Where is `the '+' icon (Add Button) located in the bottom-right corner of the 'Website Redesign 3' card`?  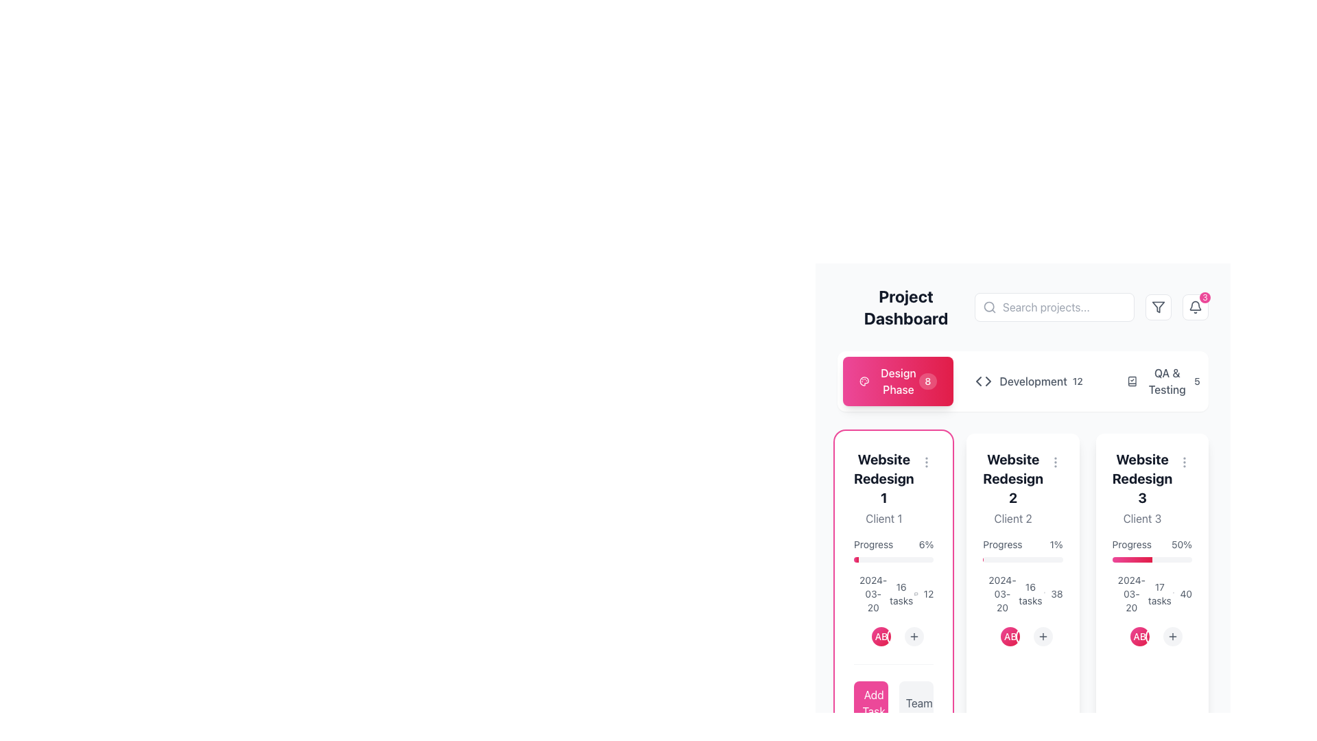
the '+' icon (Add Button) located in the bottom-right corner of the 'Website Redesign 3' card is located at coordinates (1172, 637).